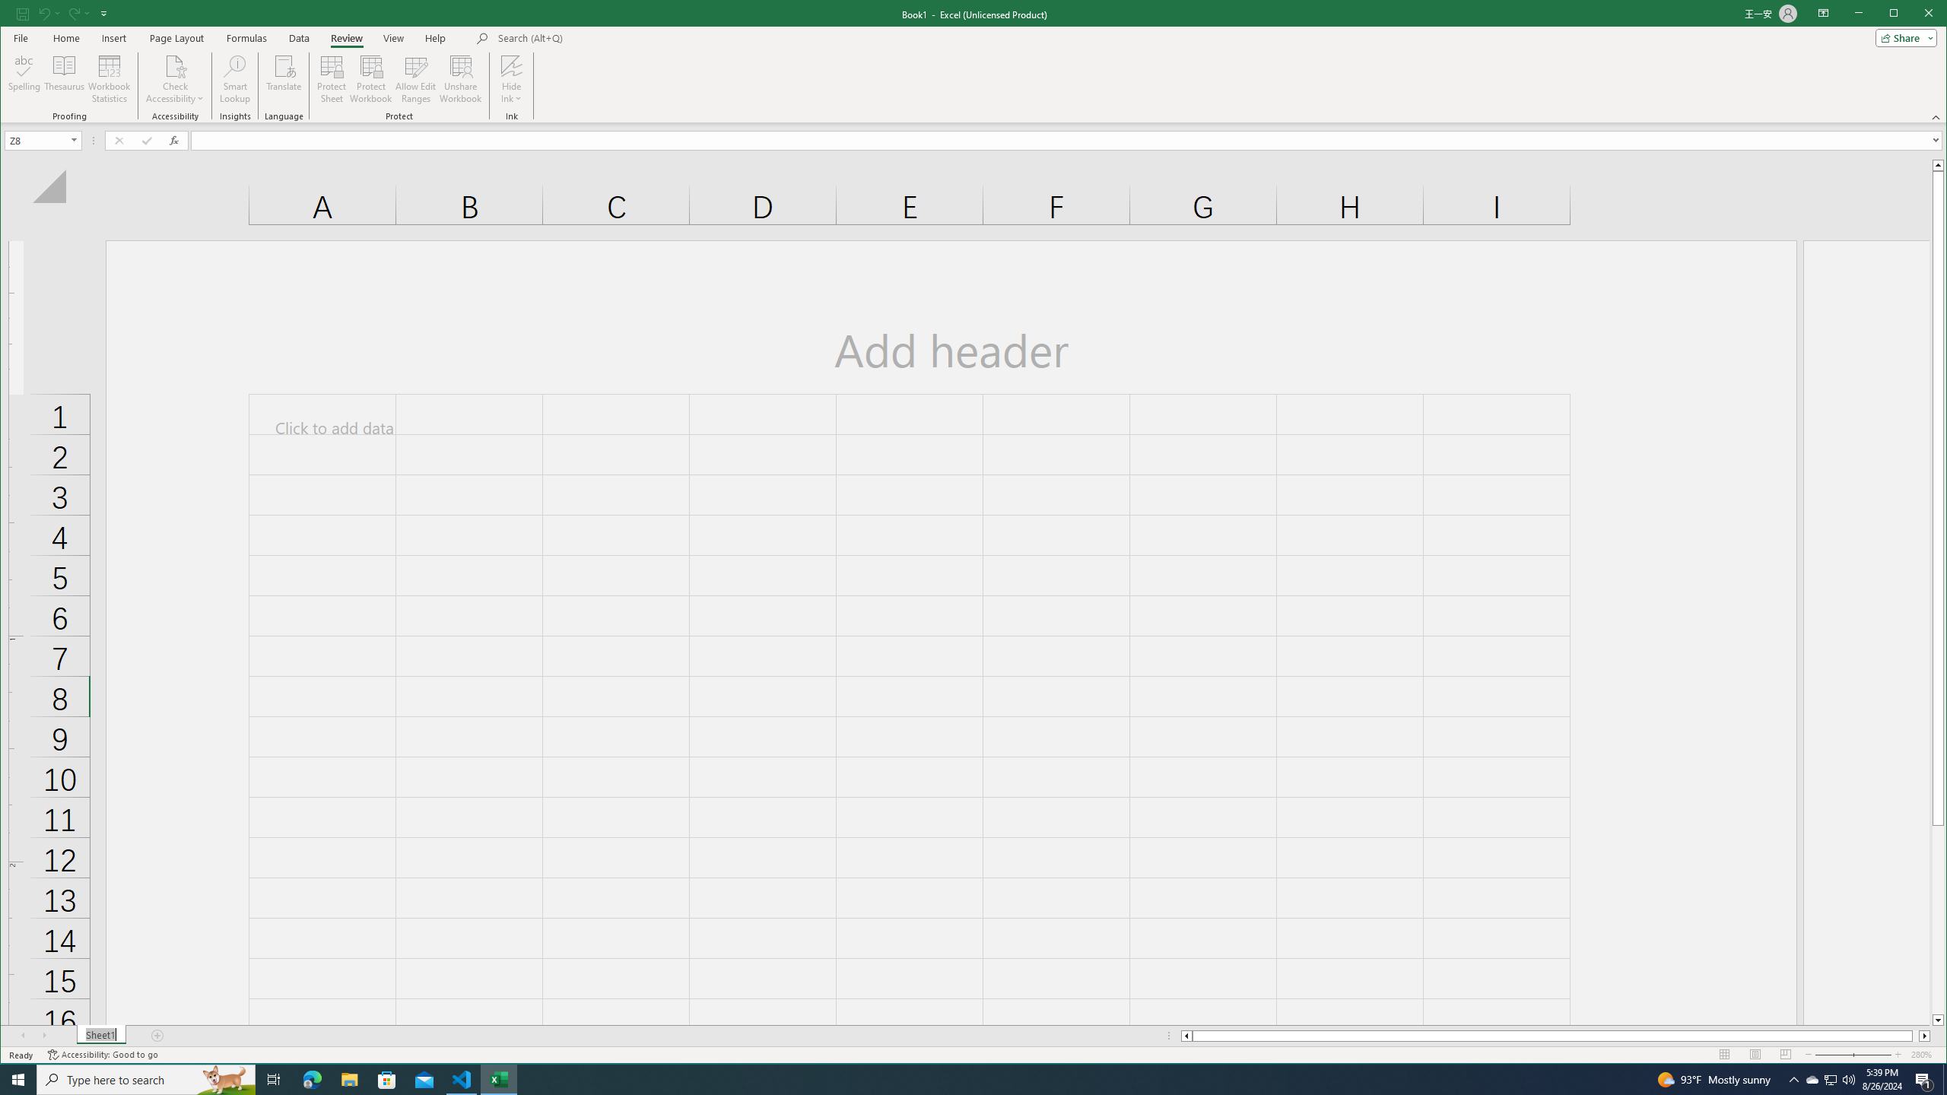 The height and width of the screenshot is (1095, 1947). What do you see at coordinates (1851, 1054) in the screenshot?
I see `'Zoom'` at bounding box center [1851, 1054].